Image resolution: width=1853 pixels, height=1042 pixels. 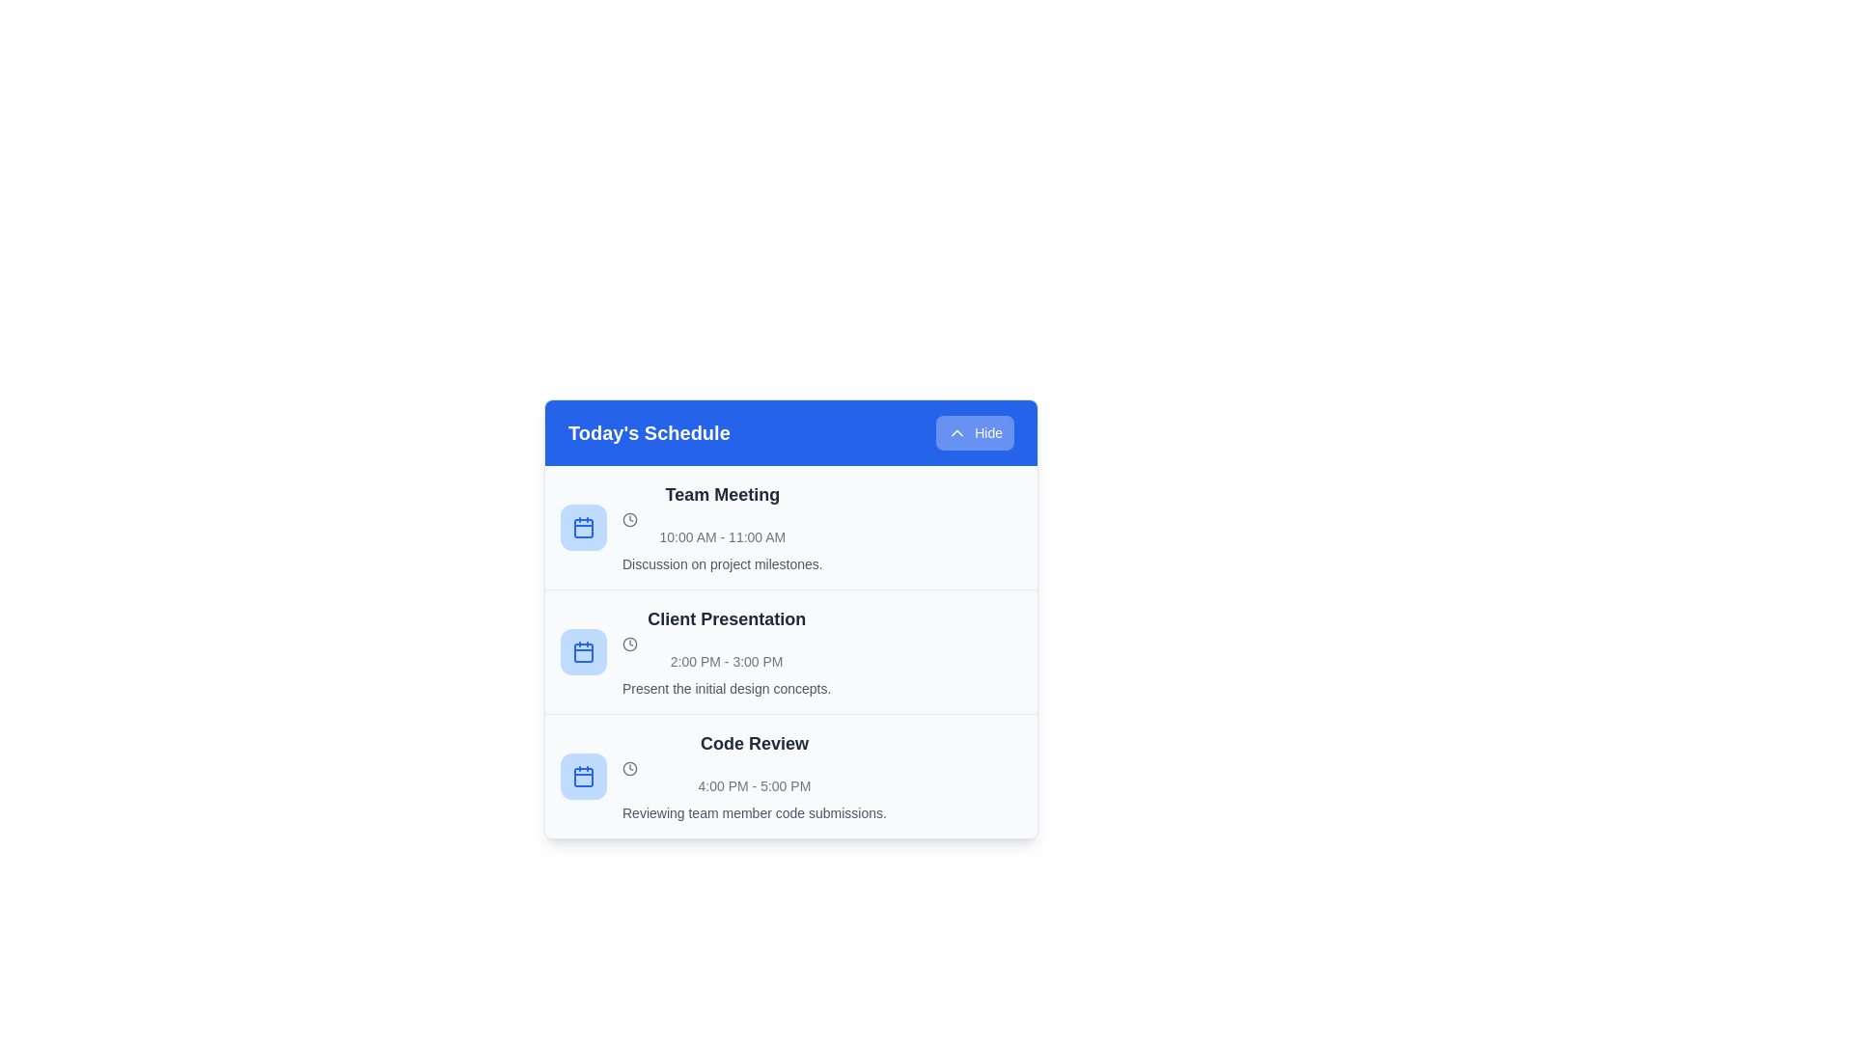 What do you see at coordinates (754, 743) in the screenshot?
I see `the large, bold title text label that reads 'Code Review', which is centrally aligned and changes color on hover` at bounding box center [754, 743].